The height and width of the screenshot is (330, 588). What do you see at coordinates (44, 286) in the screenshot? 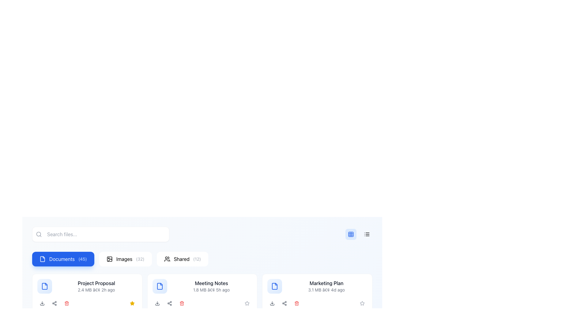
I see `the document icon representing the 'Project Proposal' located in the top-left corner of the file items for identification purposes` at bounding box center [44, 286].